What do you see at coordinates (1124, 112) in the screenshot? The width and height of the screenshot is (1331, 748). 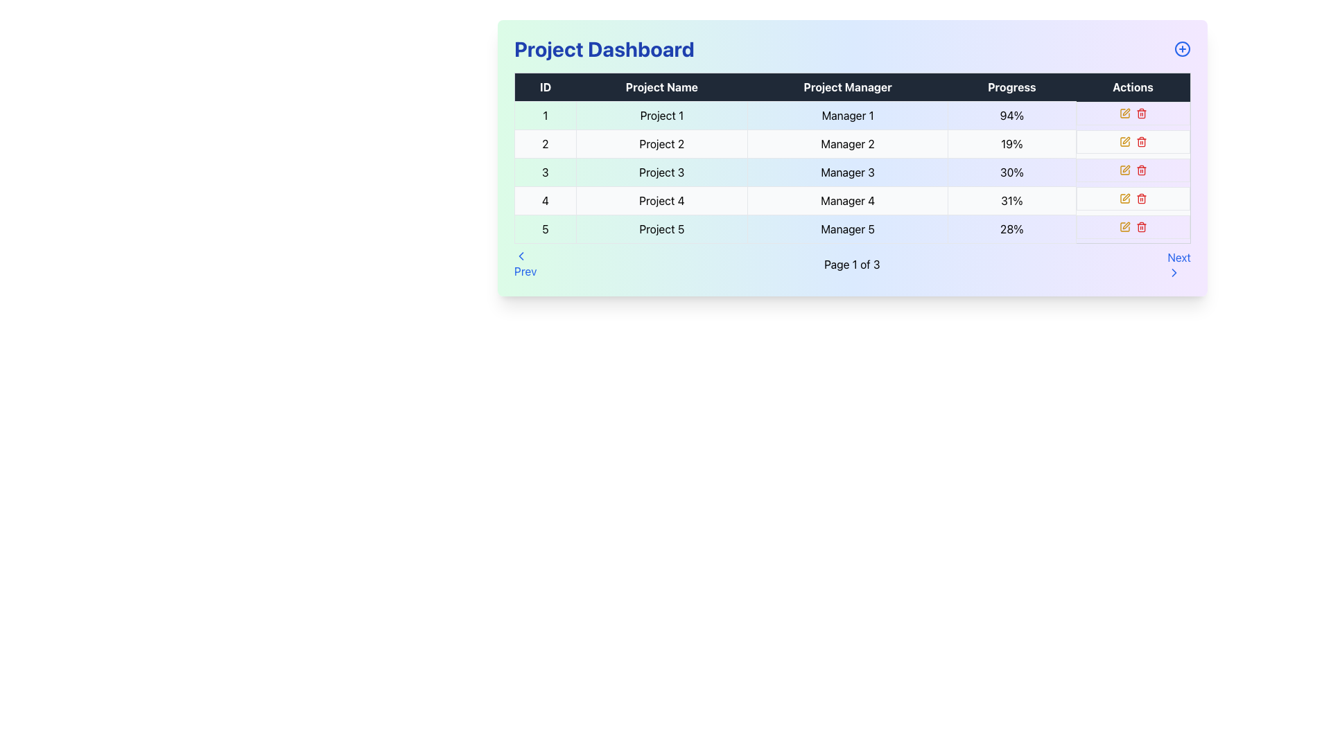 I see `the square yellow button with a pen icon located in the 'Actions' column of the table, adjacent to the 'Project 1' entry` at bounding box center [1124, 112].